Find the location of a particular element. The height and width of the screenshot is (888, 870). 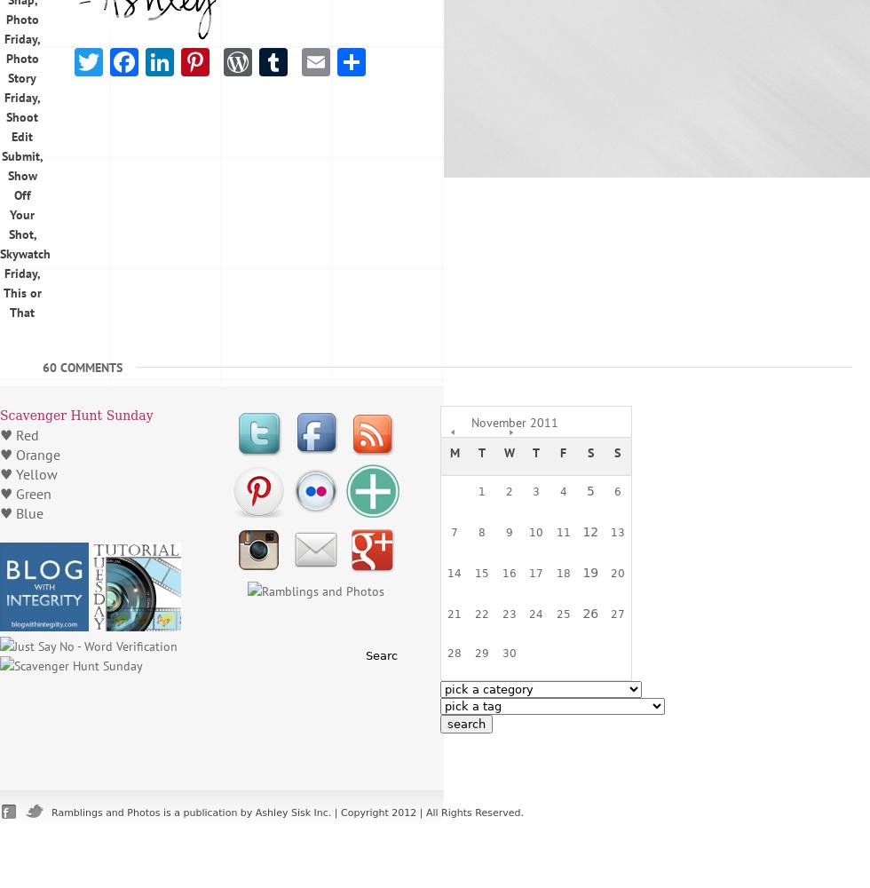

'18' is located at coordinates (564, 574).